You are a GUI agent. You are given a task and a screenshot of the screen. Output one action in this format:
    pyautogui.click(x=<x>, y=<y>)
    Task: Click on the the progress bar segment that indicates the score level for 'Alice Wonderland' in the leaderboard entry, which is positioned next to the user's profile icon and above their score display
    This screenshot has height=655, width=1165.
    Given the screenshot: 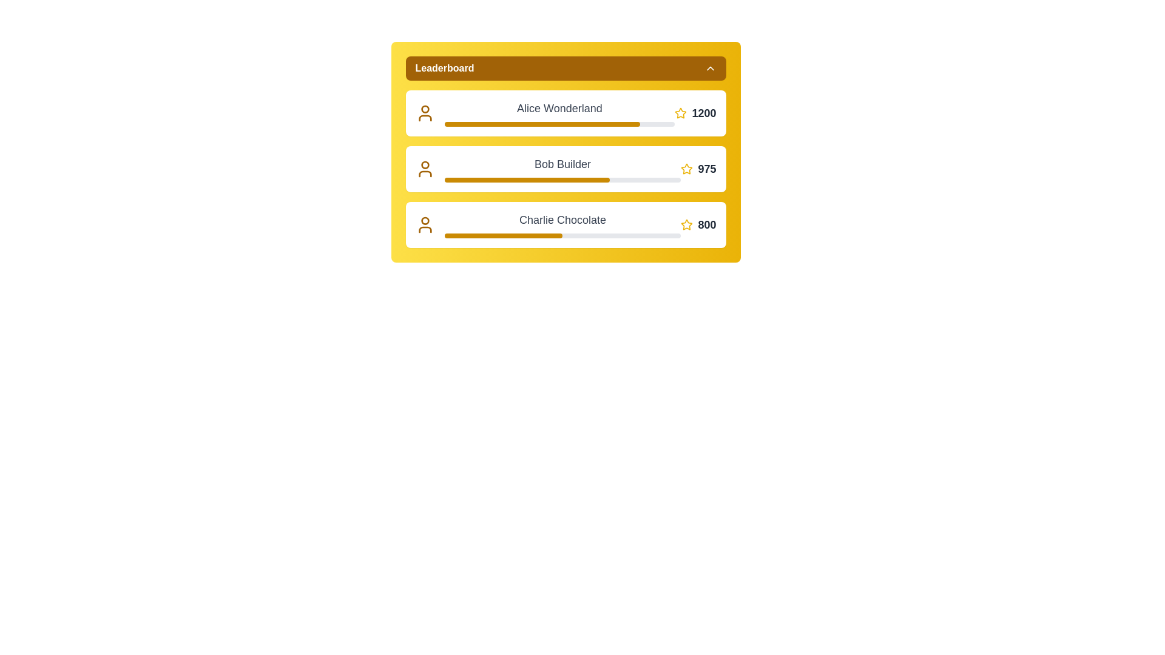 What is the action you would take?
    pyautogui.click(x=541, y=124)
    